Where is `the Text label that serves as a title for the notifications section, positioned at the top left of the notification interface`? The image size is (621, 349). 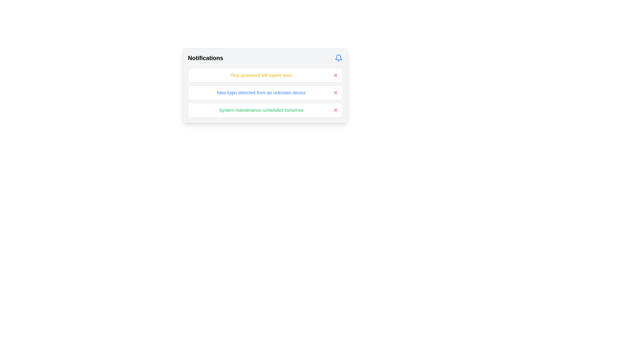 the Text label that serves as a title for the notifications section, positioned at the top left of the notification interface is located at coordinates (205, 58).